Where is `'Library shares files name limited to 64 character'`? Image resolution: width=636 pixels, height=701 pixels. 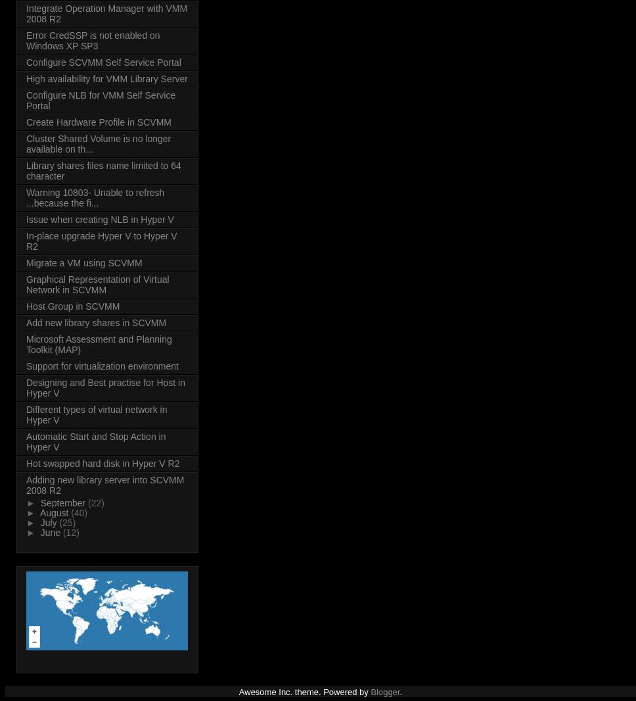 'Library shares files name limited to 64 character' is located at coordinates (102, 170).